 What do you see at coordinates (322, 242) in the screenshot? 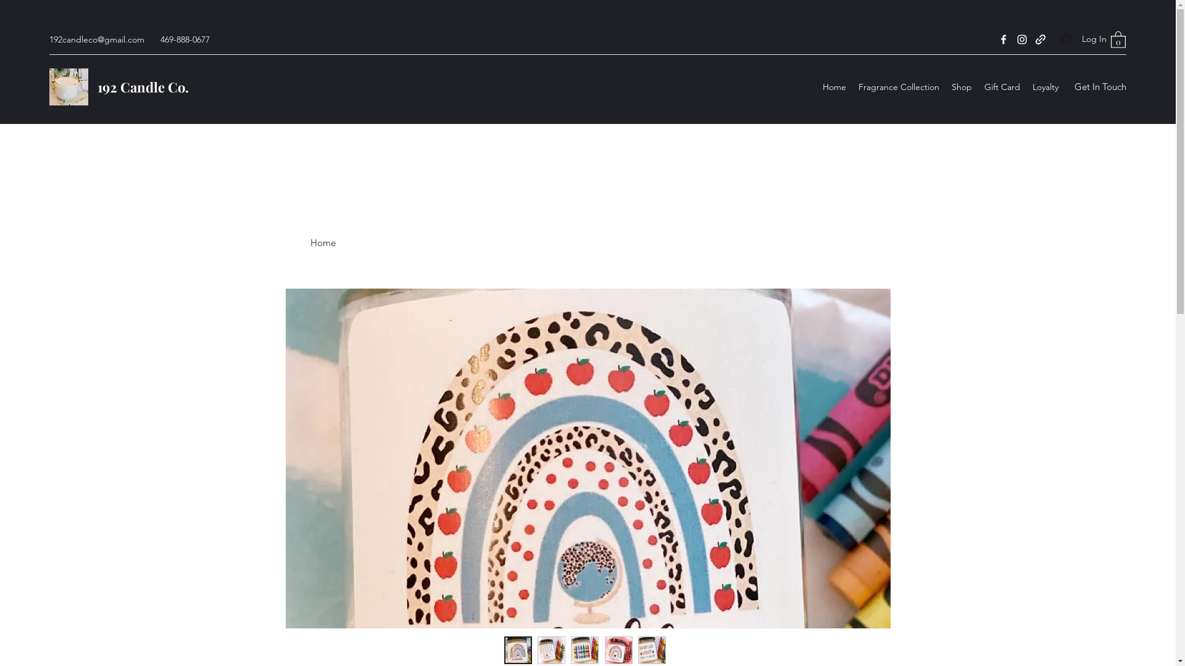
I see `'Home'` at bounding box center [322, 242].